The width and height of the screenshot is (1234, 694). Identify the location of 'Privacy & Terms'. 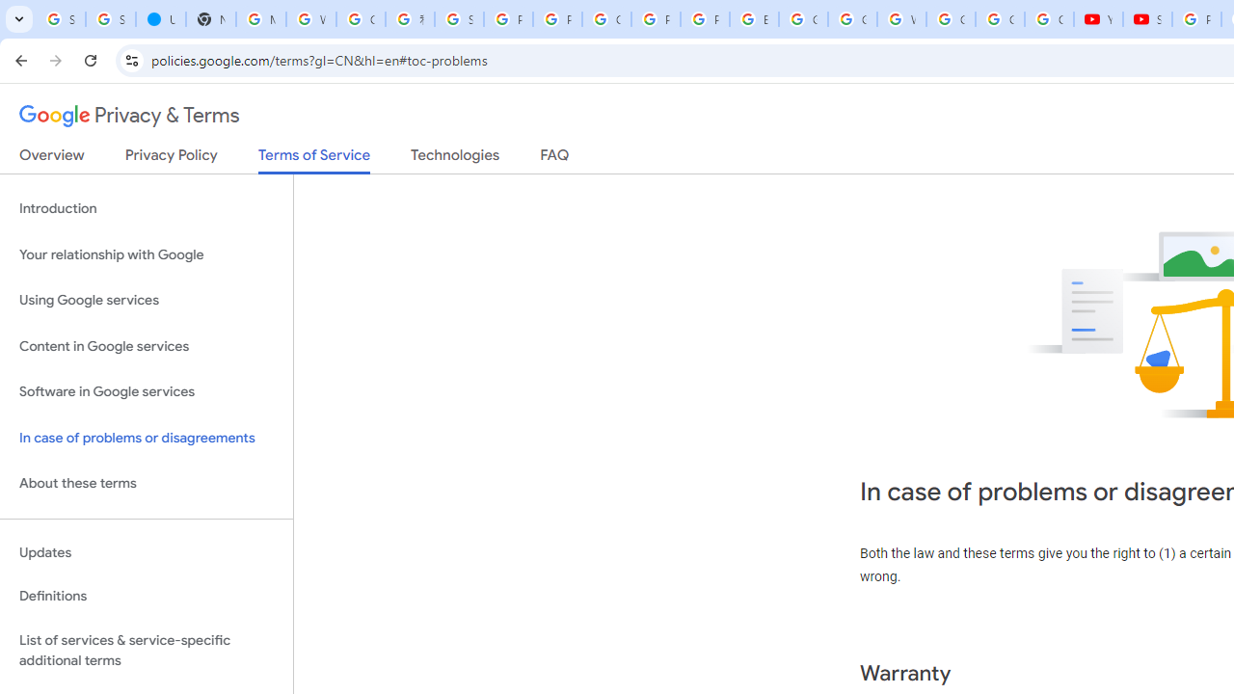
(129, 116).